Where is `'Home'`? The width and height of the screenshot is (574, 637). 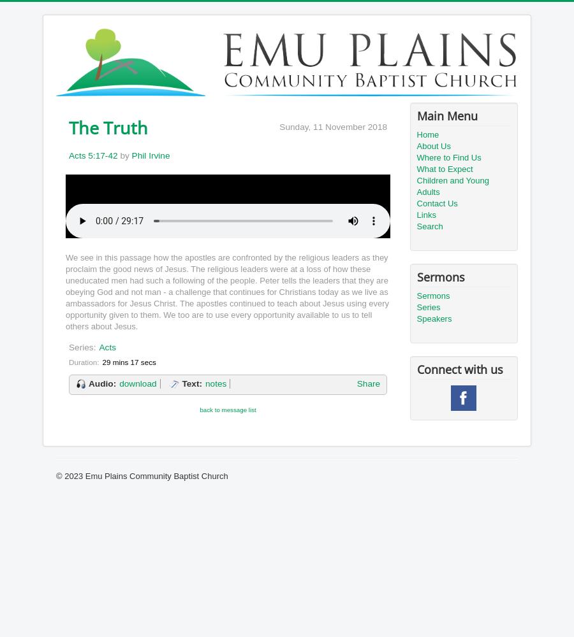
'Home' is located at coordinates (427, 134).